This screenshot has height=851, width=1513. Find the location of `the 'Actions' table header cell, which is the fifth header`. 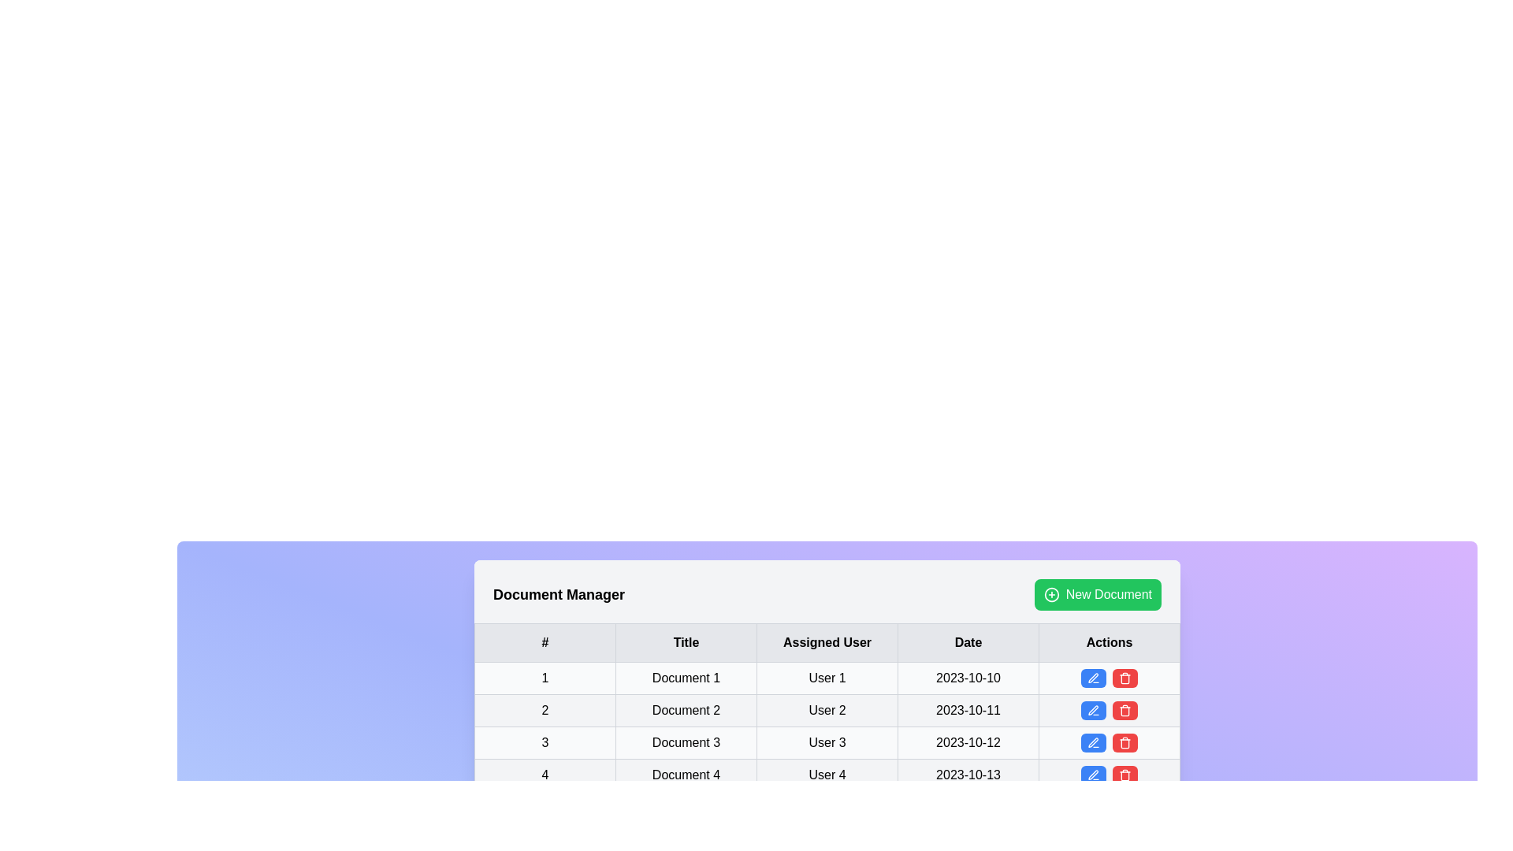

the 'Actions' table header cell, which is the fifth header is located at coordinates (1108, 643).